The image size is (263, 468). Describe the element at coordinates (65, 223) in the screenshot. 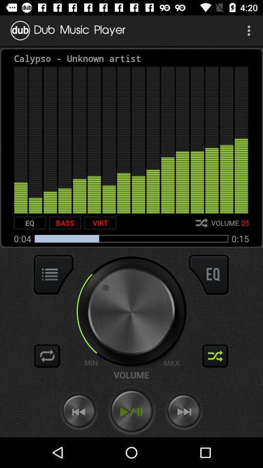

I see `the  bass` at that location.